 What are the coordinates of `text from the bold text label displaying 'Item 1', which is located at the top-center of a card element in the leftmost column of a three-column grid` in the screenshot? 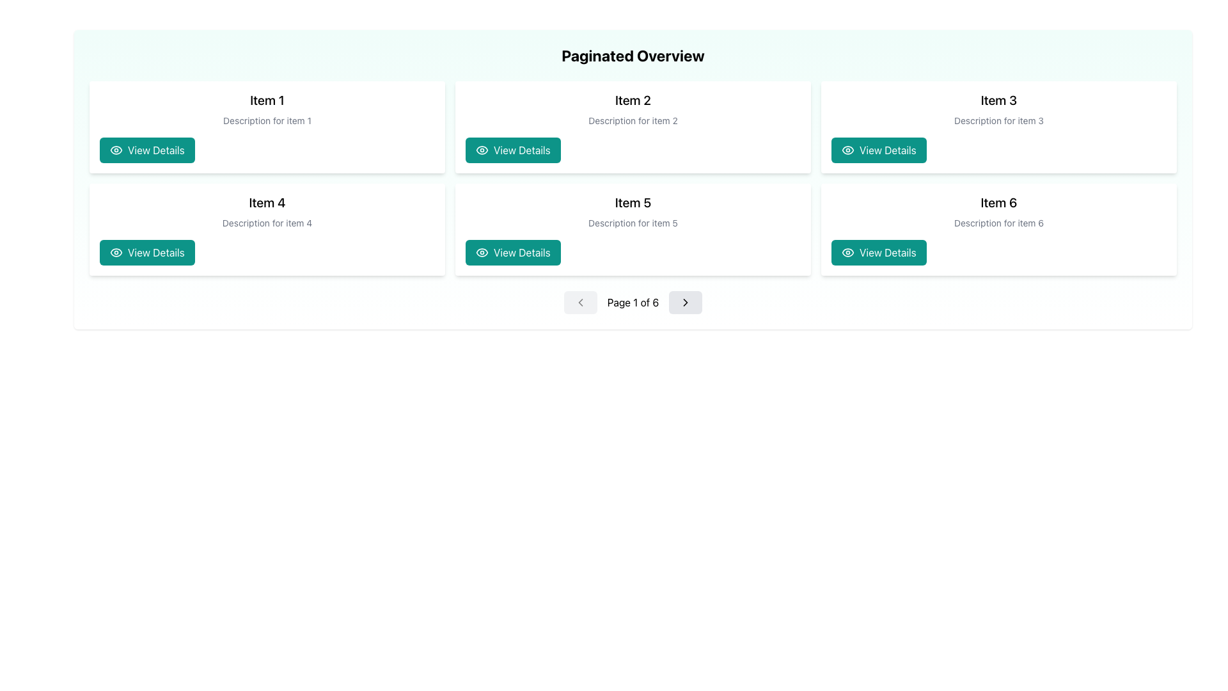 It's located at (266, 100).